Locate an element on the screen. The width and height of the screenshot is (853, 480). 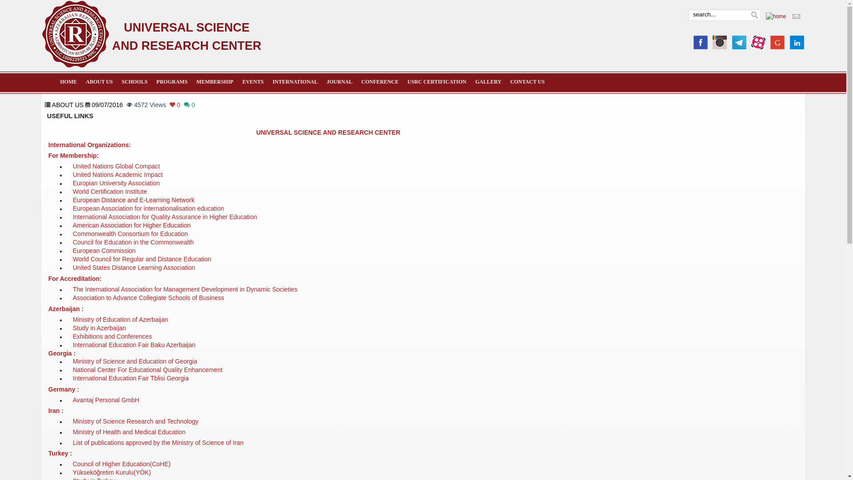
'CONFERENCE' is located at coordinates (379, 82).